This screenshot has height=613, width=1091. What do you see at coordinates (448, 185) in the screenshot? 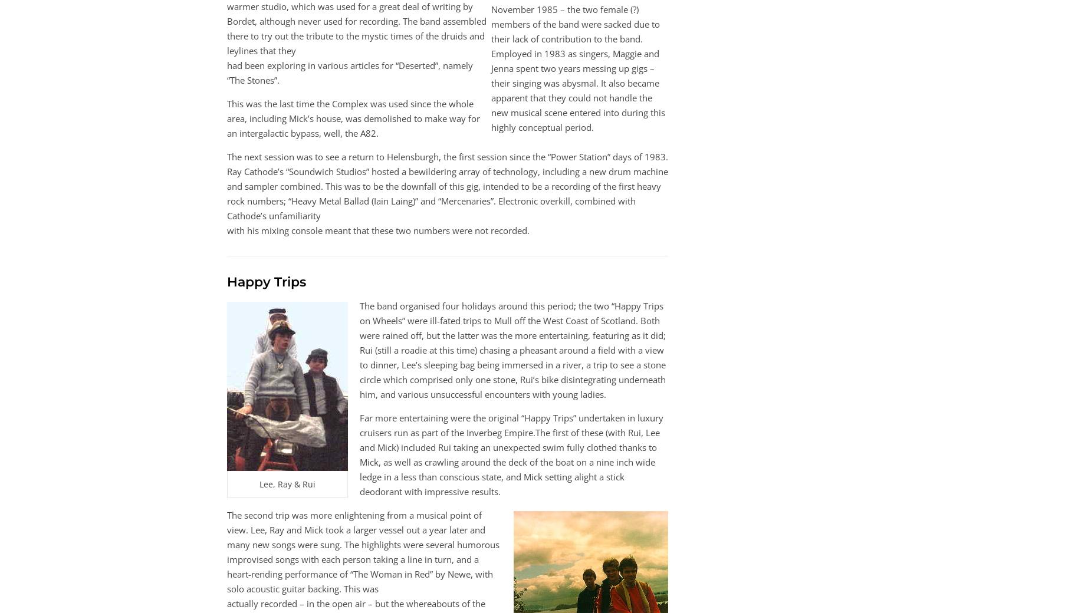
I see `'The next session was to see a return to Helensburgh, the first session since the “Power Station” days of 1983. Ray Cathode’s “Soundwich Studios” hosted a bewildering array of technology, including a new drum machine and sampler combined. This was to be the downfall of this gig, intended to be a recording of the first heavy rock numbers; “Heavy Metal Ballad (Iain Laing)” and “Mercenaries”. Electronic overkill, combined with Cathode’s unfamiliarity'` at bounding box center [448, 185].